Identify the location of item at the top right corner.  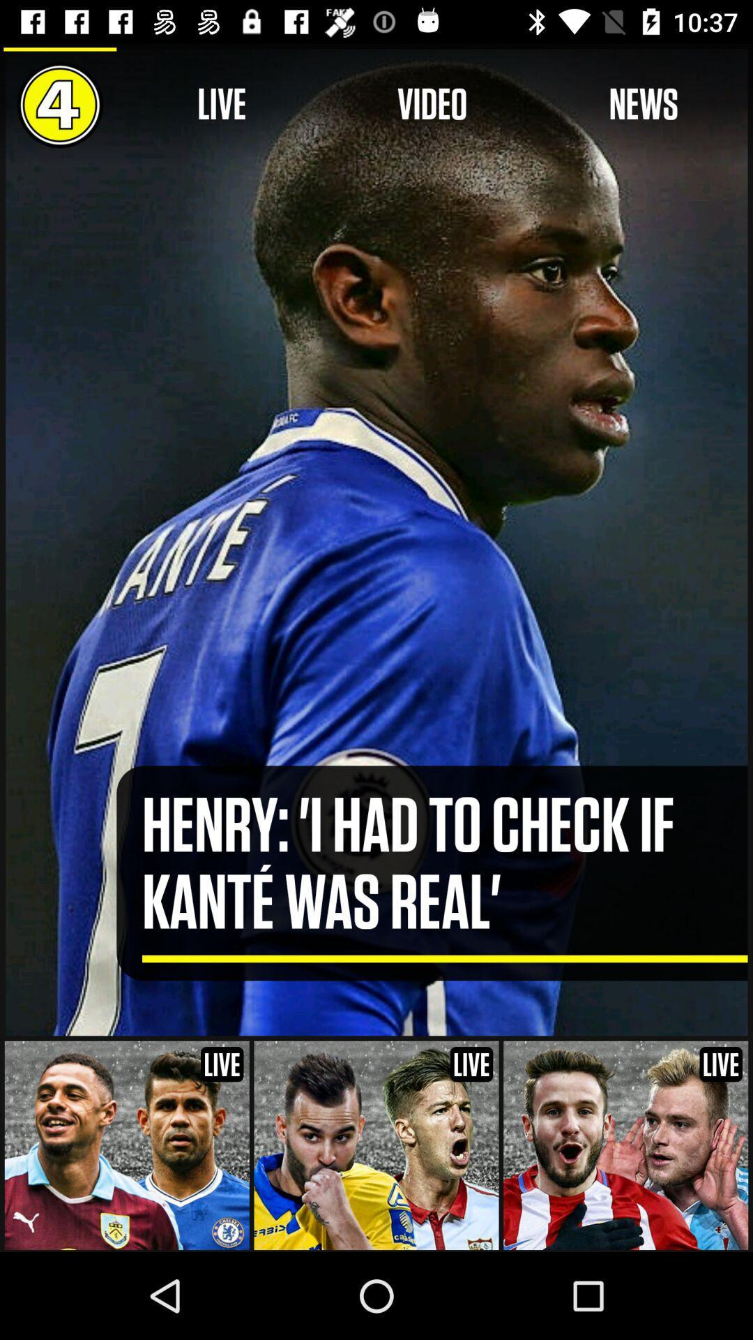
(644, 104).